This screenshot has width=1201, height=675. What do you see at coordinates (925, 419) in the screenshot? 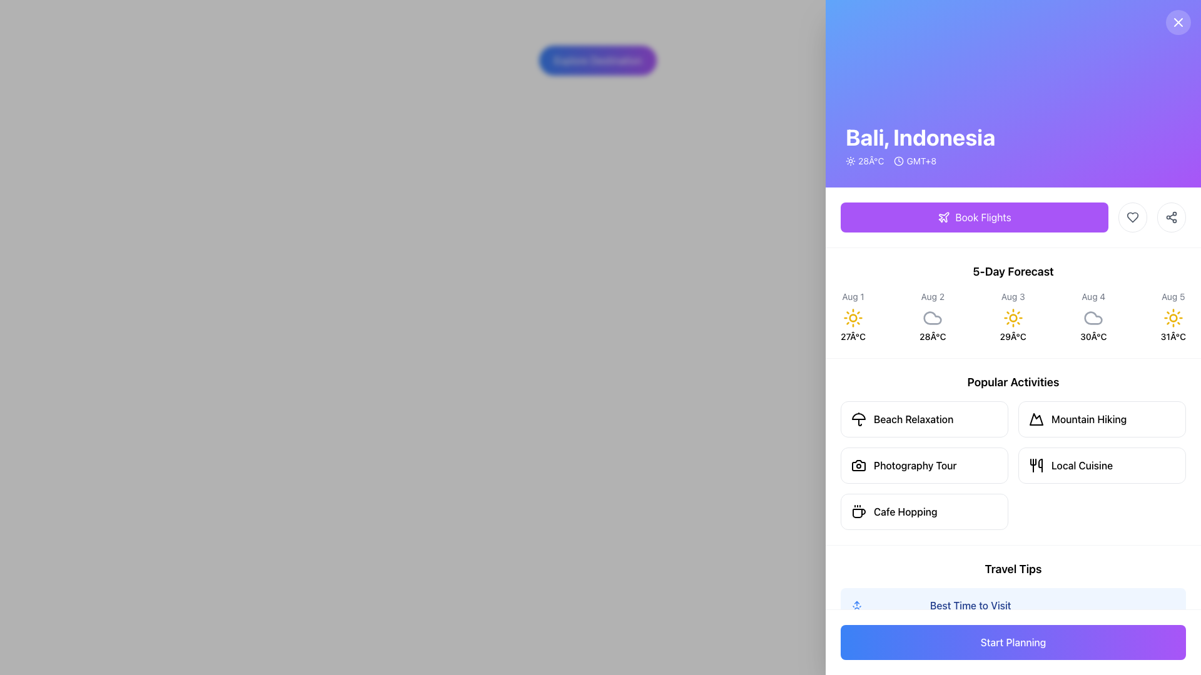
I see `the 'Beach Relaxation' button, which is a rectangular button with rounded corners, a white background, an umbrella icon on the left, and centered black text in medium font weight` at bounding box center [925, 419].